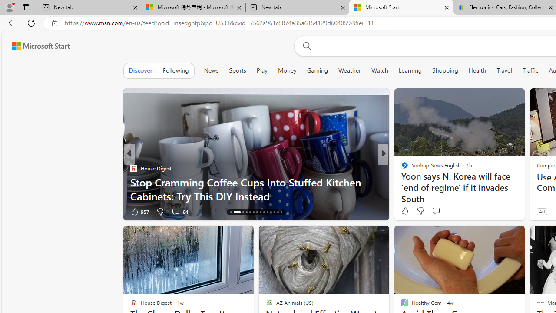 Image resolution: width=556 pixels, height=313 pixels. I want to click on 'View comments 7 Comment', so click(443, 211).